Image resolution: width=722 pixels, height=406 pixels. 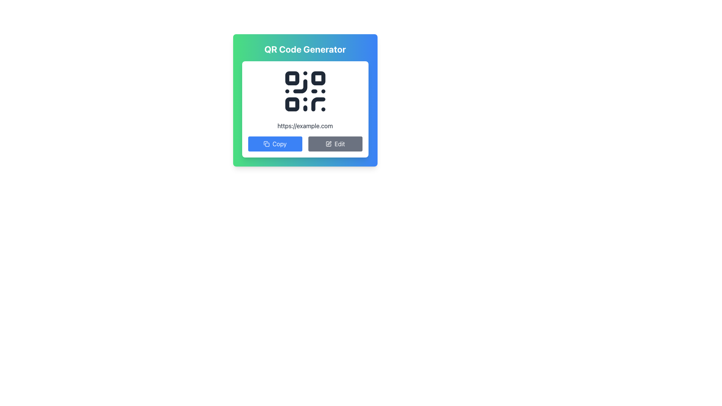 I want to click on the copy button located on the left side below the QR code, so click(x=275, y=144).